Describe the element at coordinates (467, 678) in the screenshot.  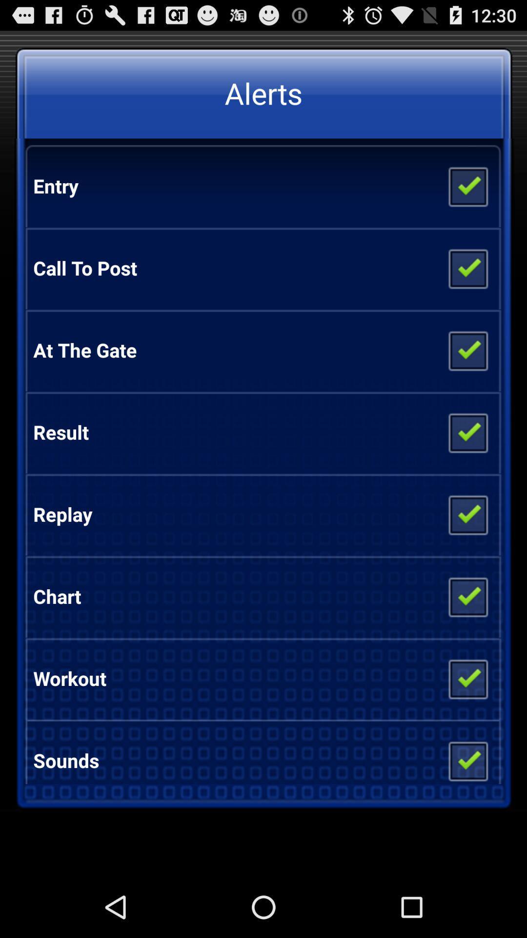
I see `selected` at that location.